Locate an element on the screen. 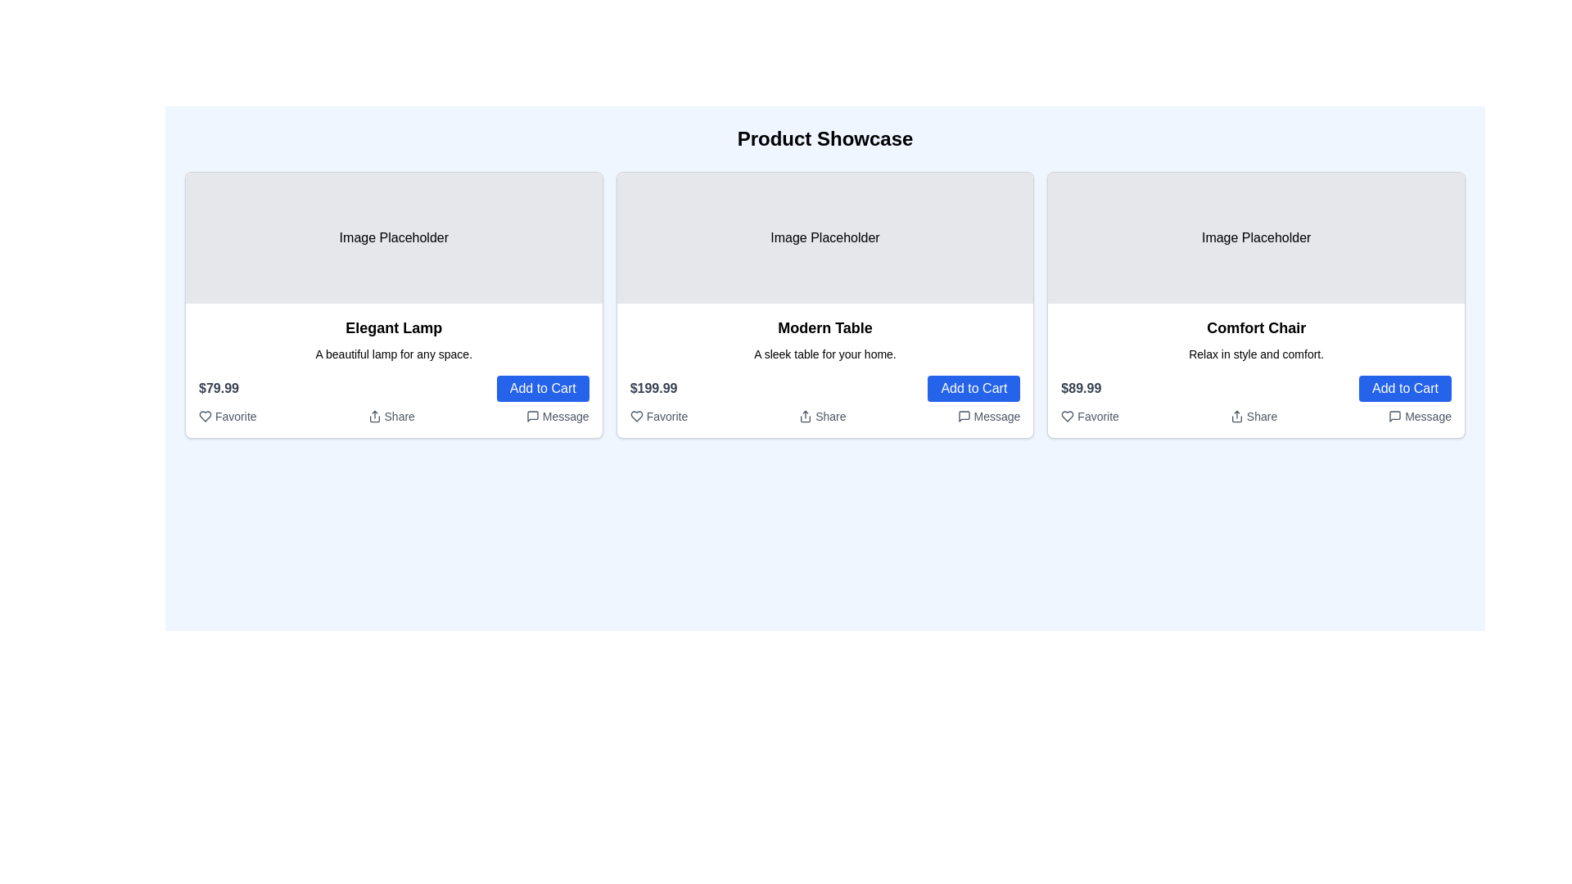  the heart-shaped outline icon located at the bottom-left corner of the third product card for the 'Comfort Chair' to mark the item as a favorite is located at coordinates (1068, 416).